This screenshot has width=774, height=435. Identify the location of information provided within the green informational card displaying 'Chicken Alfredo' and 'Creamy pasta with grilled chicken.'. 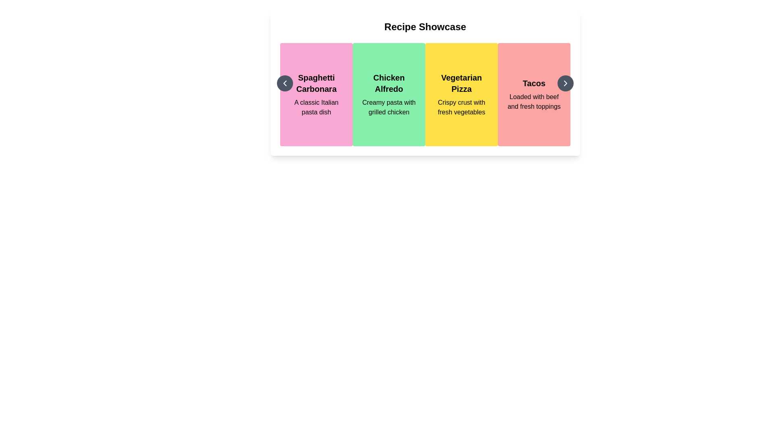
(389, 94).